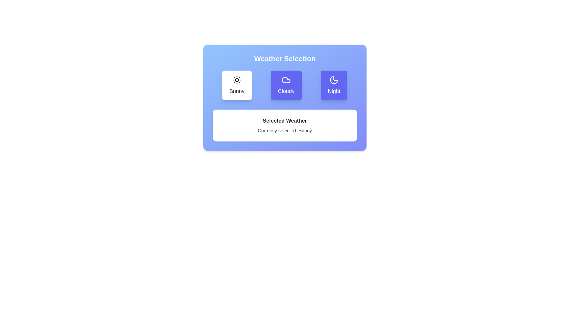  Describe the element at coordinates (237, 85) in the screenshot. I see `the 'Sunny' button` at that location.